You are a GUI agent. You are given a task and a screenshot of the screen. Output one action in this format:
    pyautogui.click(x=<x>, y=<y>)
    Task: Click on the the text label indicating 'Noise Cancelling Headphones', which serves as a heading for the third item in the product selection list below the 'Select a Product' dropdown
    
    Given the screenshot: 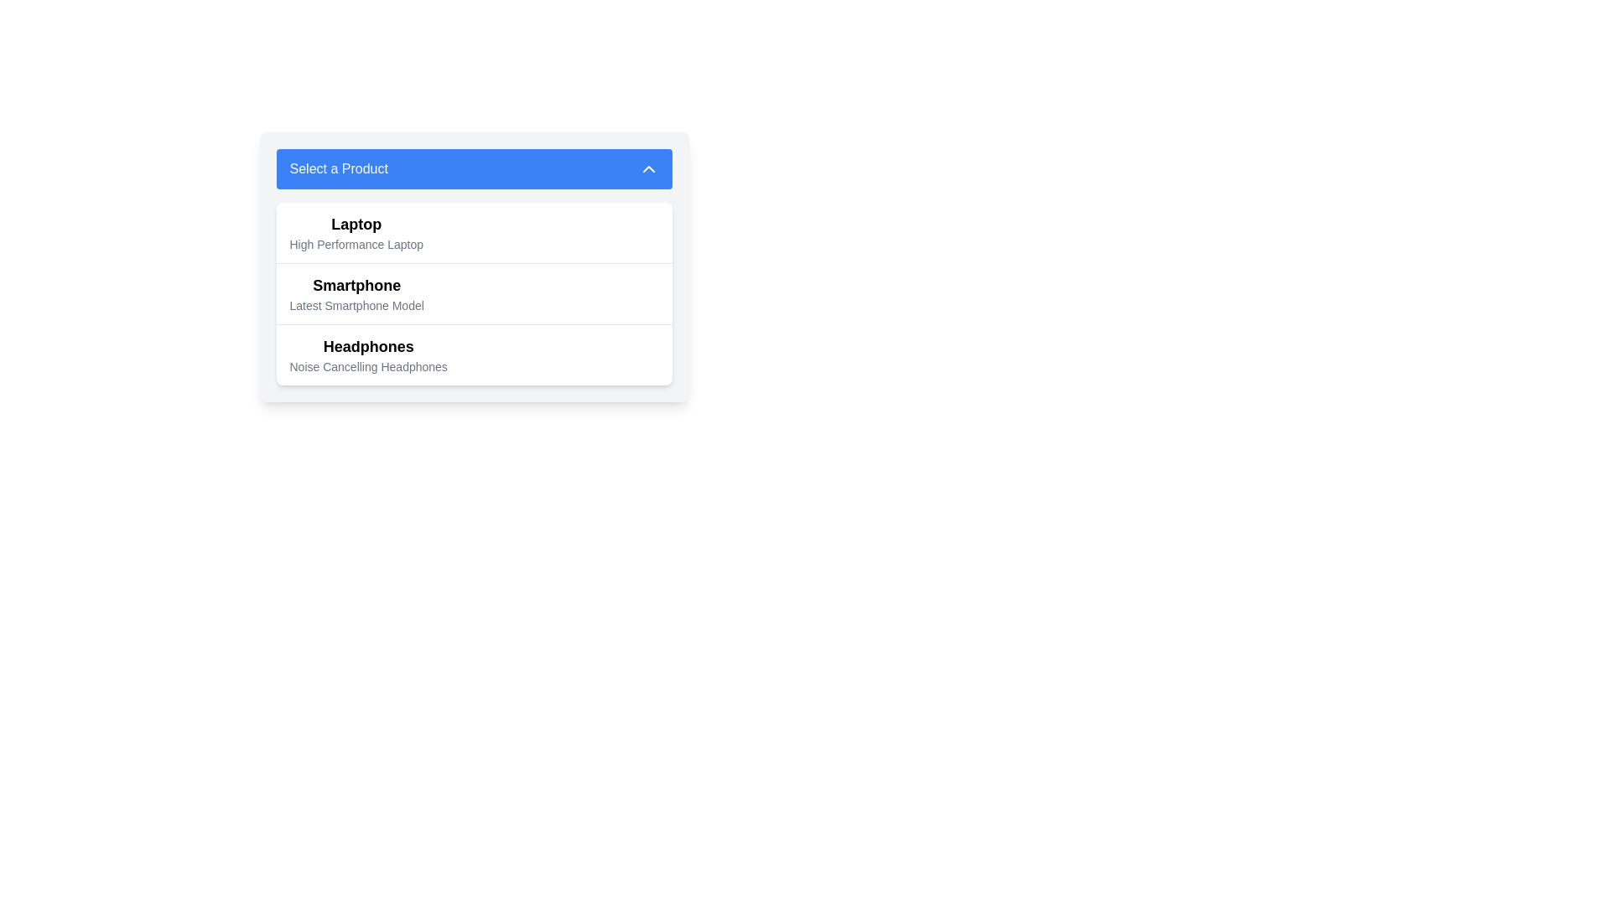 What is the action you would take?
    pyautogui.click(x=367, y=345)
    